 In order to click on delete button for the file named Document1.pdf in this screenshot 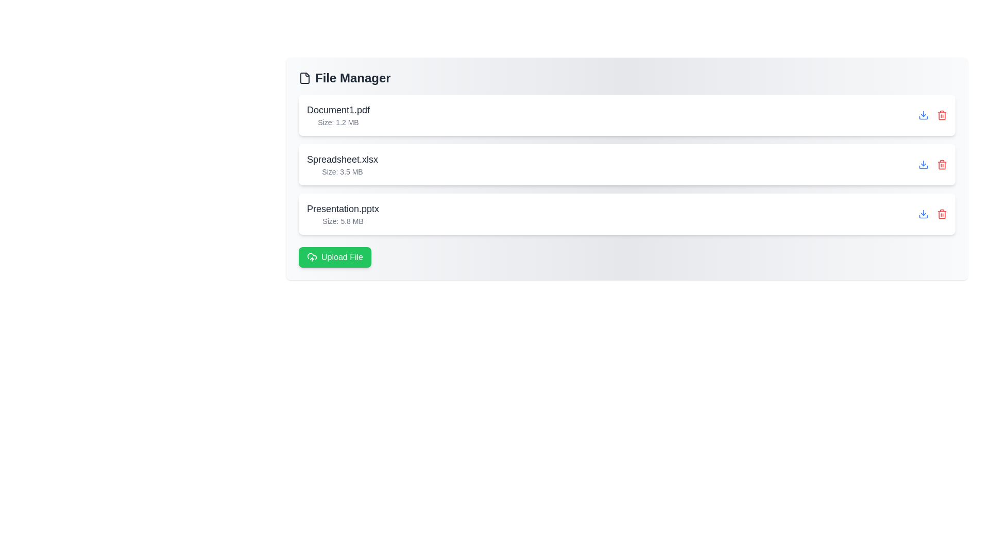, I will do `click(942, 115)`.